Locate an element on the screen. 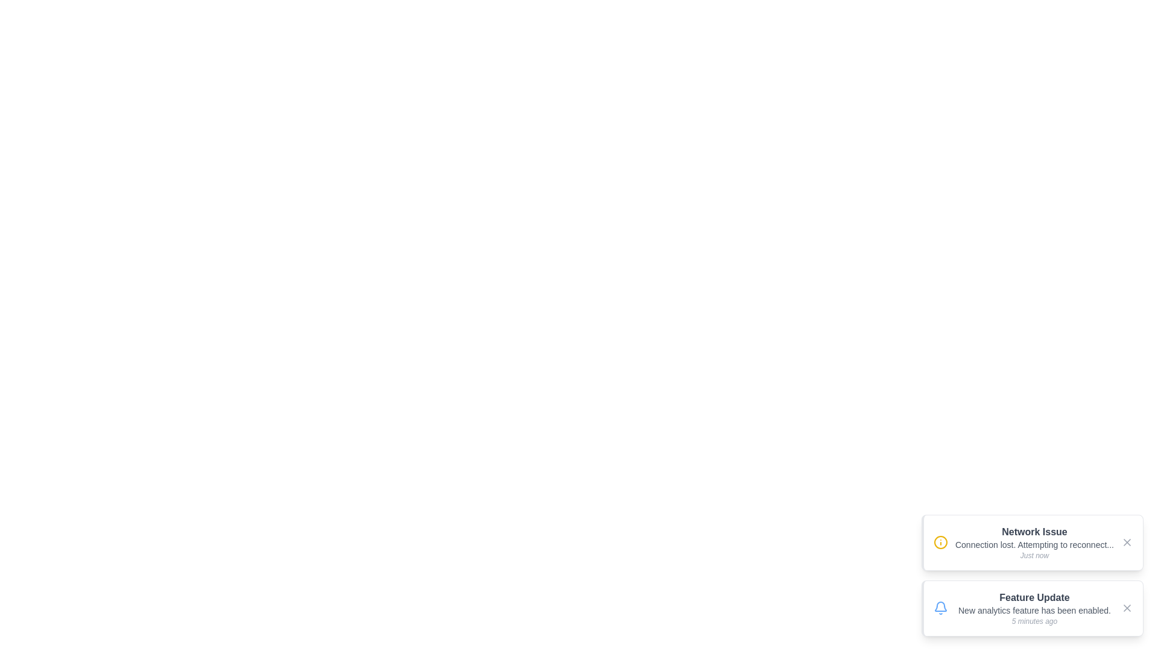 This screenshot has height=651, width=1158. the notification icon for Network Issue is located at coordinates (940, 542).